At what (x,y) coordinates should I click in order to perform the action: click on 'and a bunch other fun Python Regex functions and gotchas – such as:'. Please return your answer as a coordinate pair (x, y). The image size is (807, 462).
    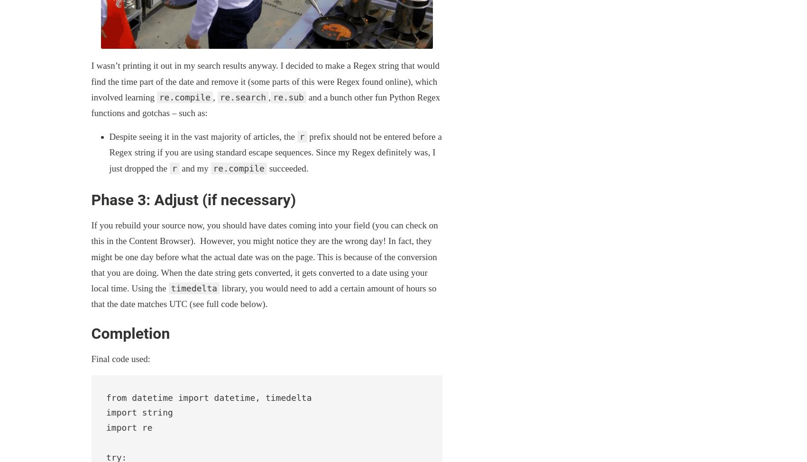
    Looking at the image, I should click on (265, 105).